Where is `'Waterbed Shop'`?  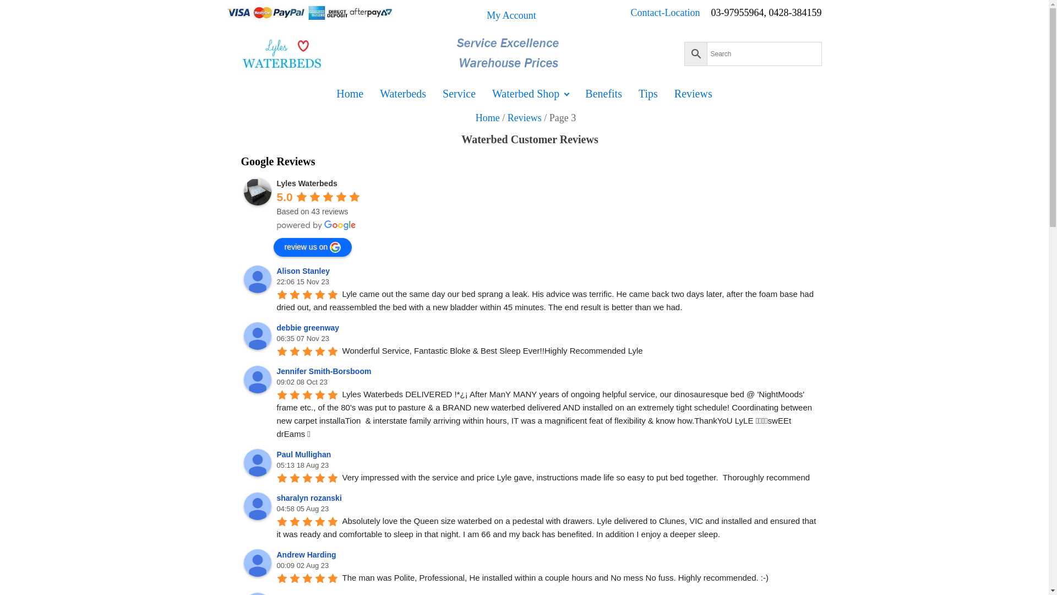
'Waterbed Shop' is located at coordinates (483, 93).